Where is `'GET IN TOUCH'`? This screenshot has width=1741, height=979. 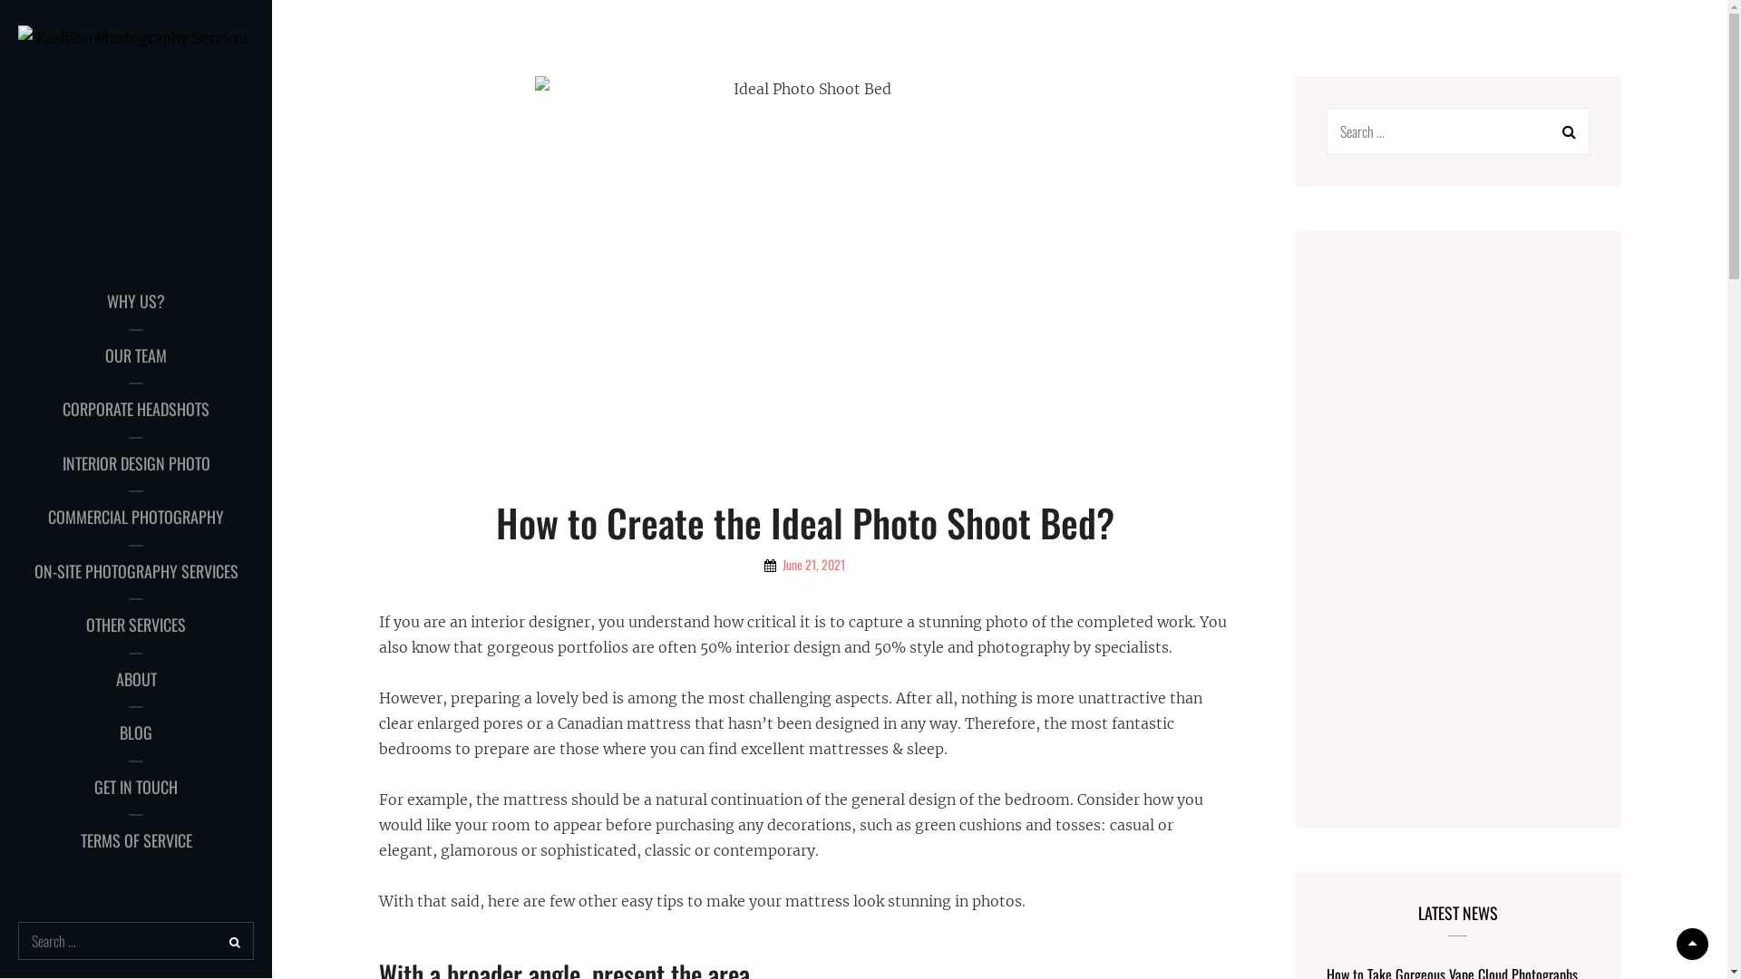
'GET IN TOUCH' is located at coordinates (0, 786).